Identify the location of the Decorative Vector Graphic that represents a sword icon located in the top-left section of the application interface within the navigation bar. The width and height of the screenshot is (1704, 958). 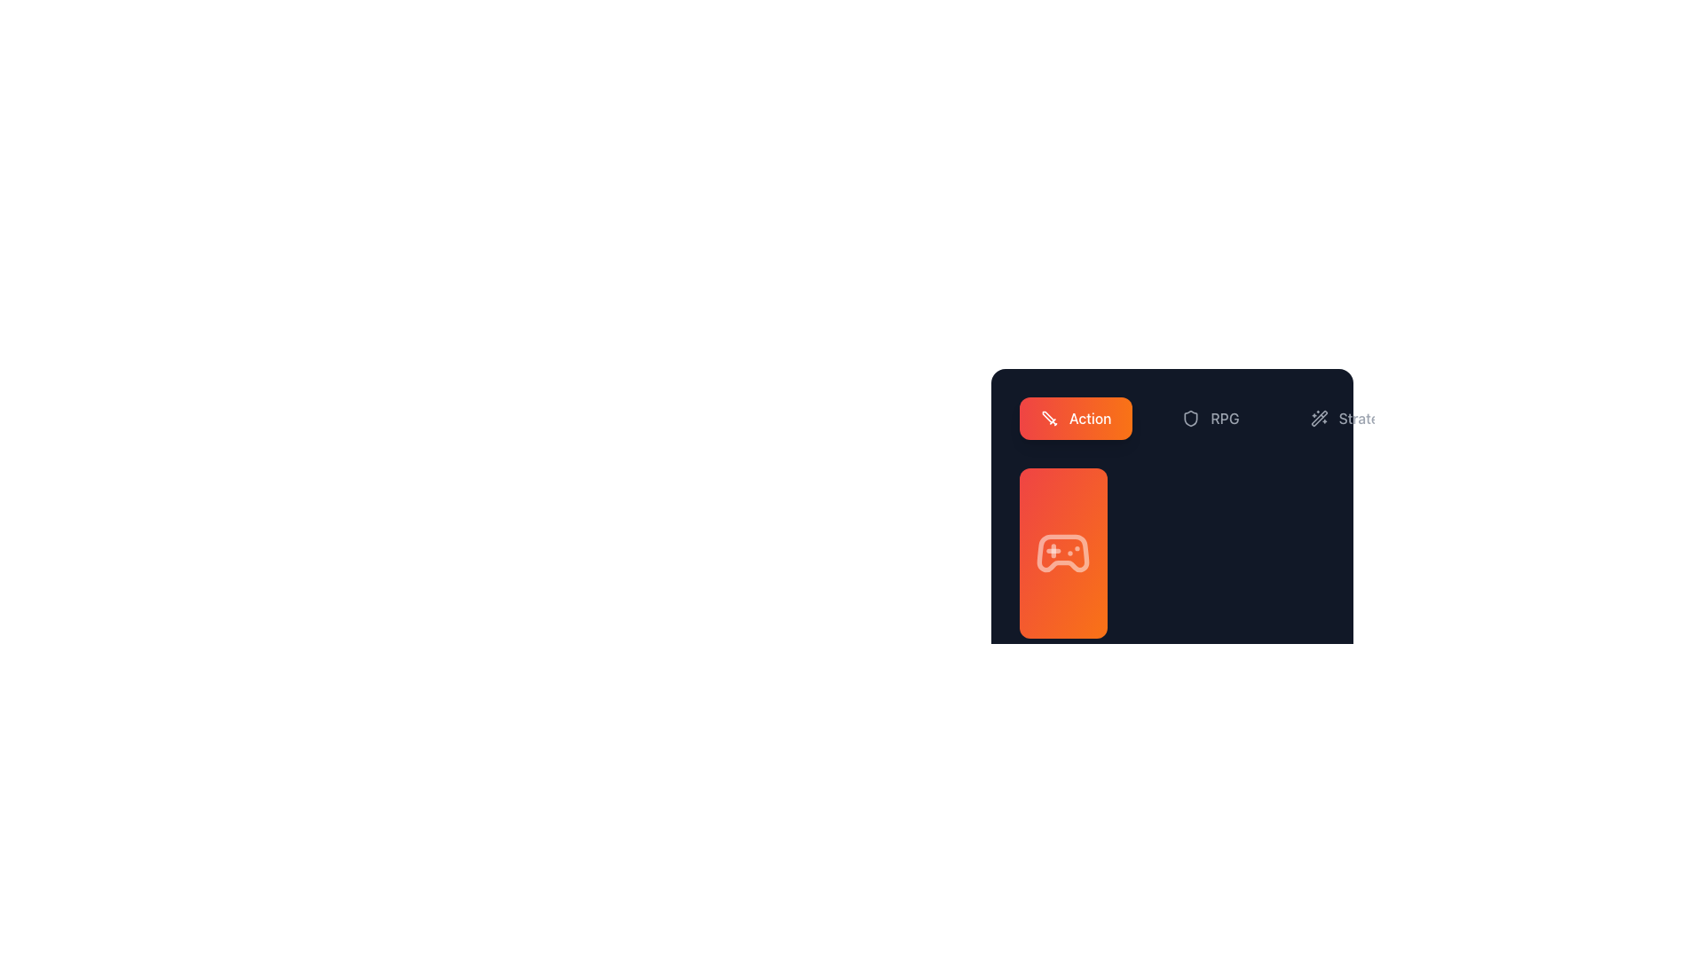
(1048, 417).